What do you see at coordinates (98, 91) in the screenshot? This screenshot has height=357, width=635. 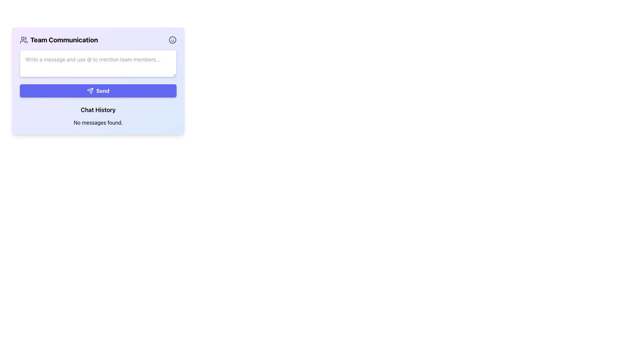 I see `the 'Send' button, which has a blue background, white text, and a paper plane icon, located below the input field for writing messages` at bounding box center [98, 91].